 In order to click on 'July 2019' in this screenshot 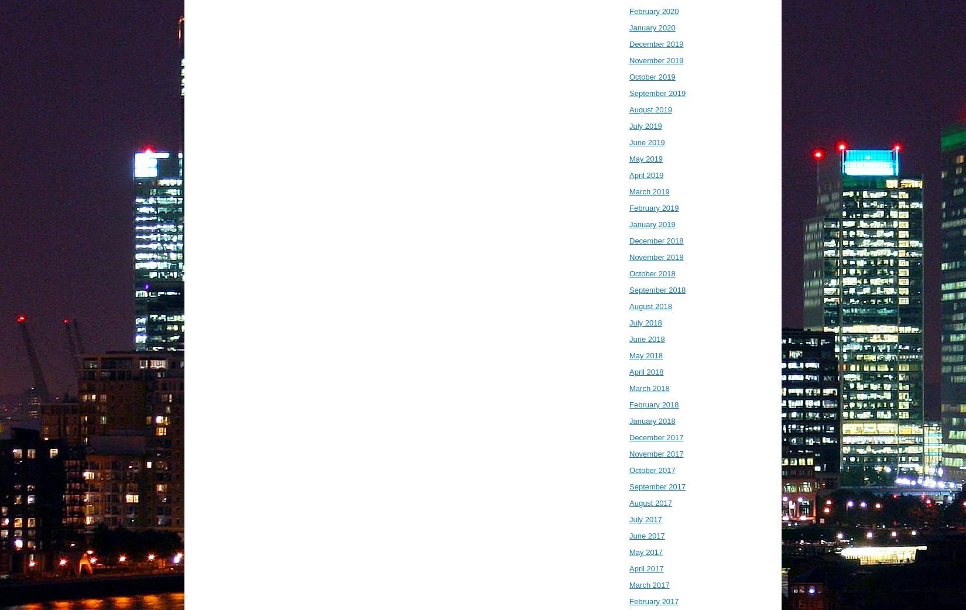, I will do `click(645, 125)`.